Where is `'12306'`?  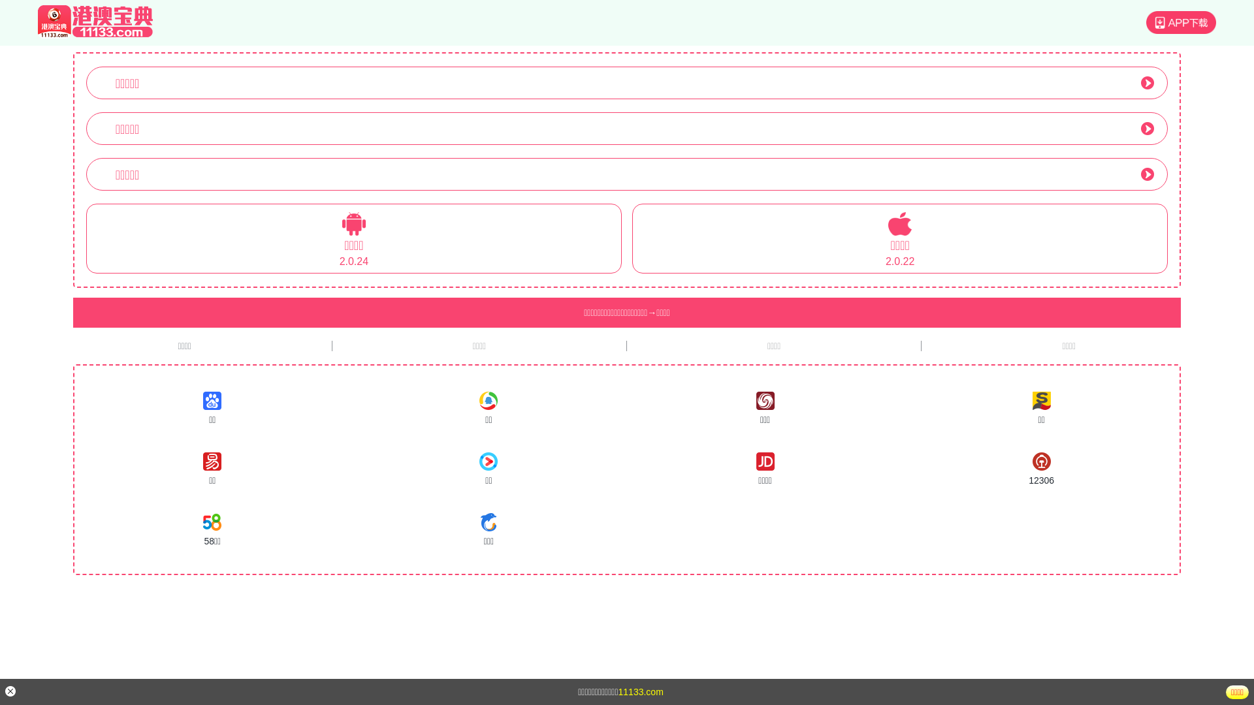 '12306' is located at coordinates (1040, 469).